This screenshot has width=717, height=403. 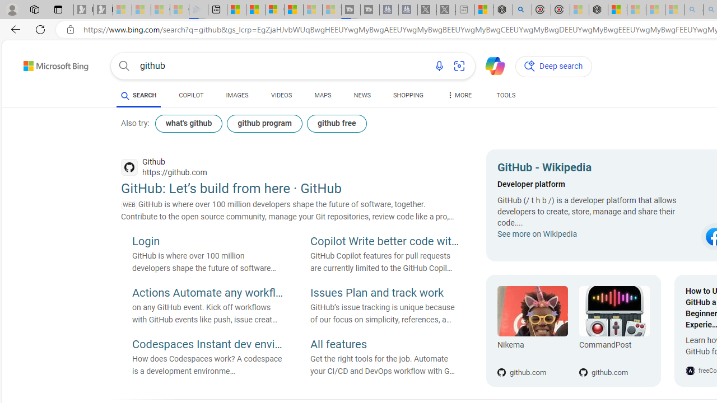 What do you see at coordinates (48, 64) in the screenshot?
I see `'Back to Bing search'` at bounding box center [48, 64].